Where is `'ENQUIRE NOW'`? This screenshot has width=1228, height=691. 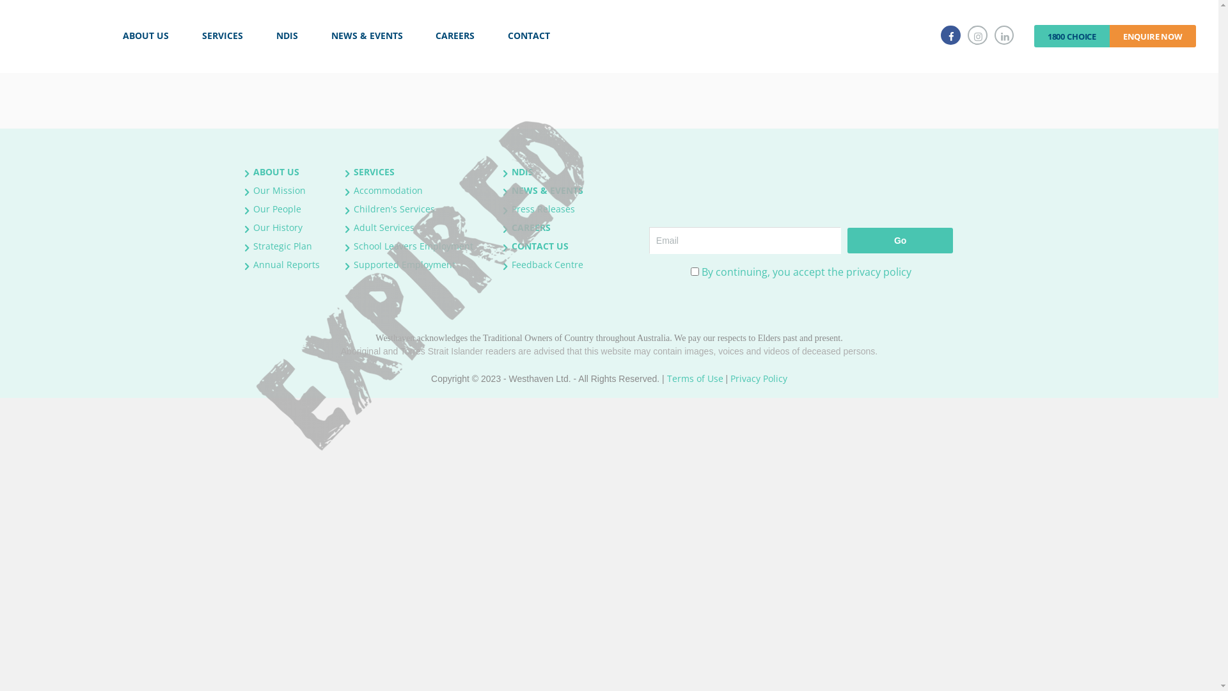 'ENQUIRE NOW' is located at coordinates (1153, 35).